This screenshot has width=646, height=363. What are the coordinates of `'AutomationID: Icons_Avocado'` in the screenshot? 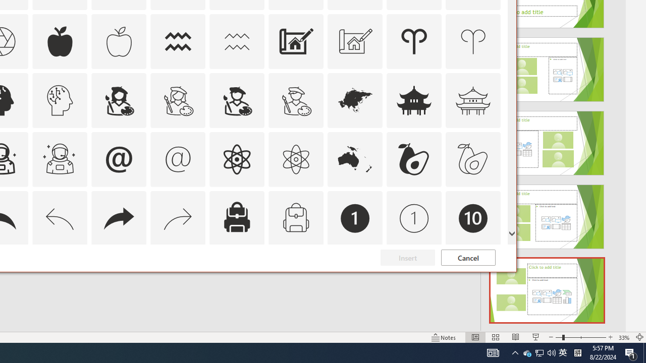 It's located at (414, 159).